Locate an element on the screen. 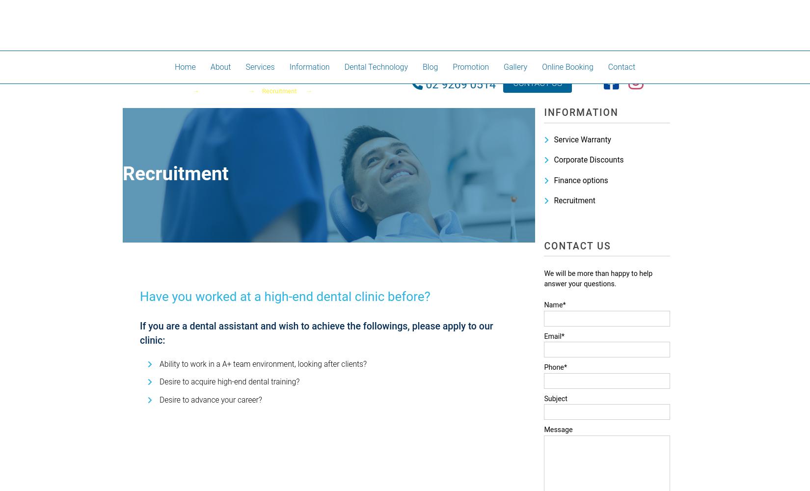 This screenshot has width=810, height=491. 'Finance options' is located at coordinates (581, 180).